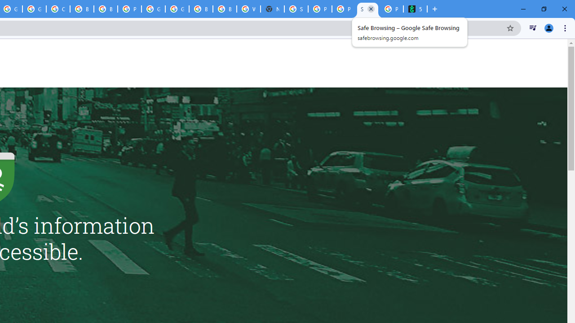 This screenshot has height=323, width=575. Describe the element at coordinates (296, 9) in the screenshot. I see `'Sign in - Google Accounts'` at that location.